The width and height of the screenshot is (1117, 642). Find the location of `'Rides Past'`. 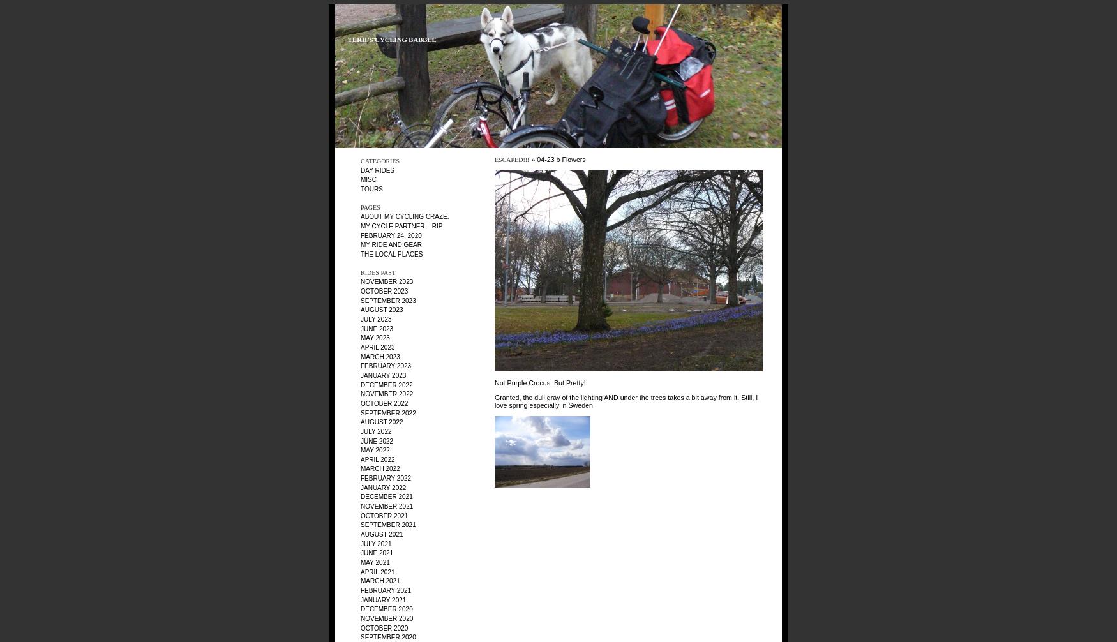

'Rides Past' is located at coordinates (378, 271).